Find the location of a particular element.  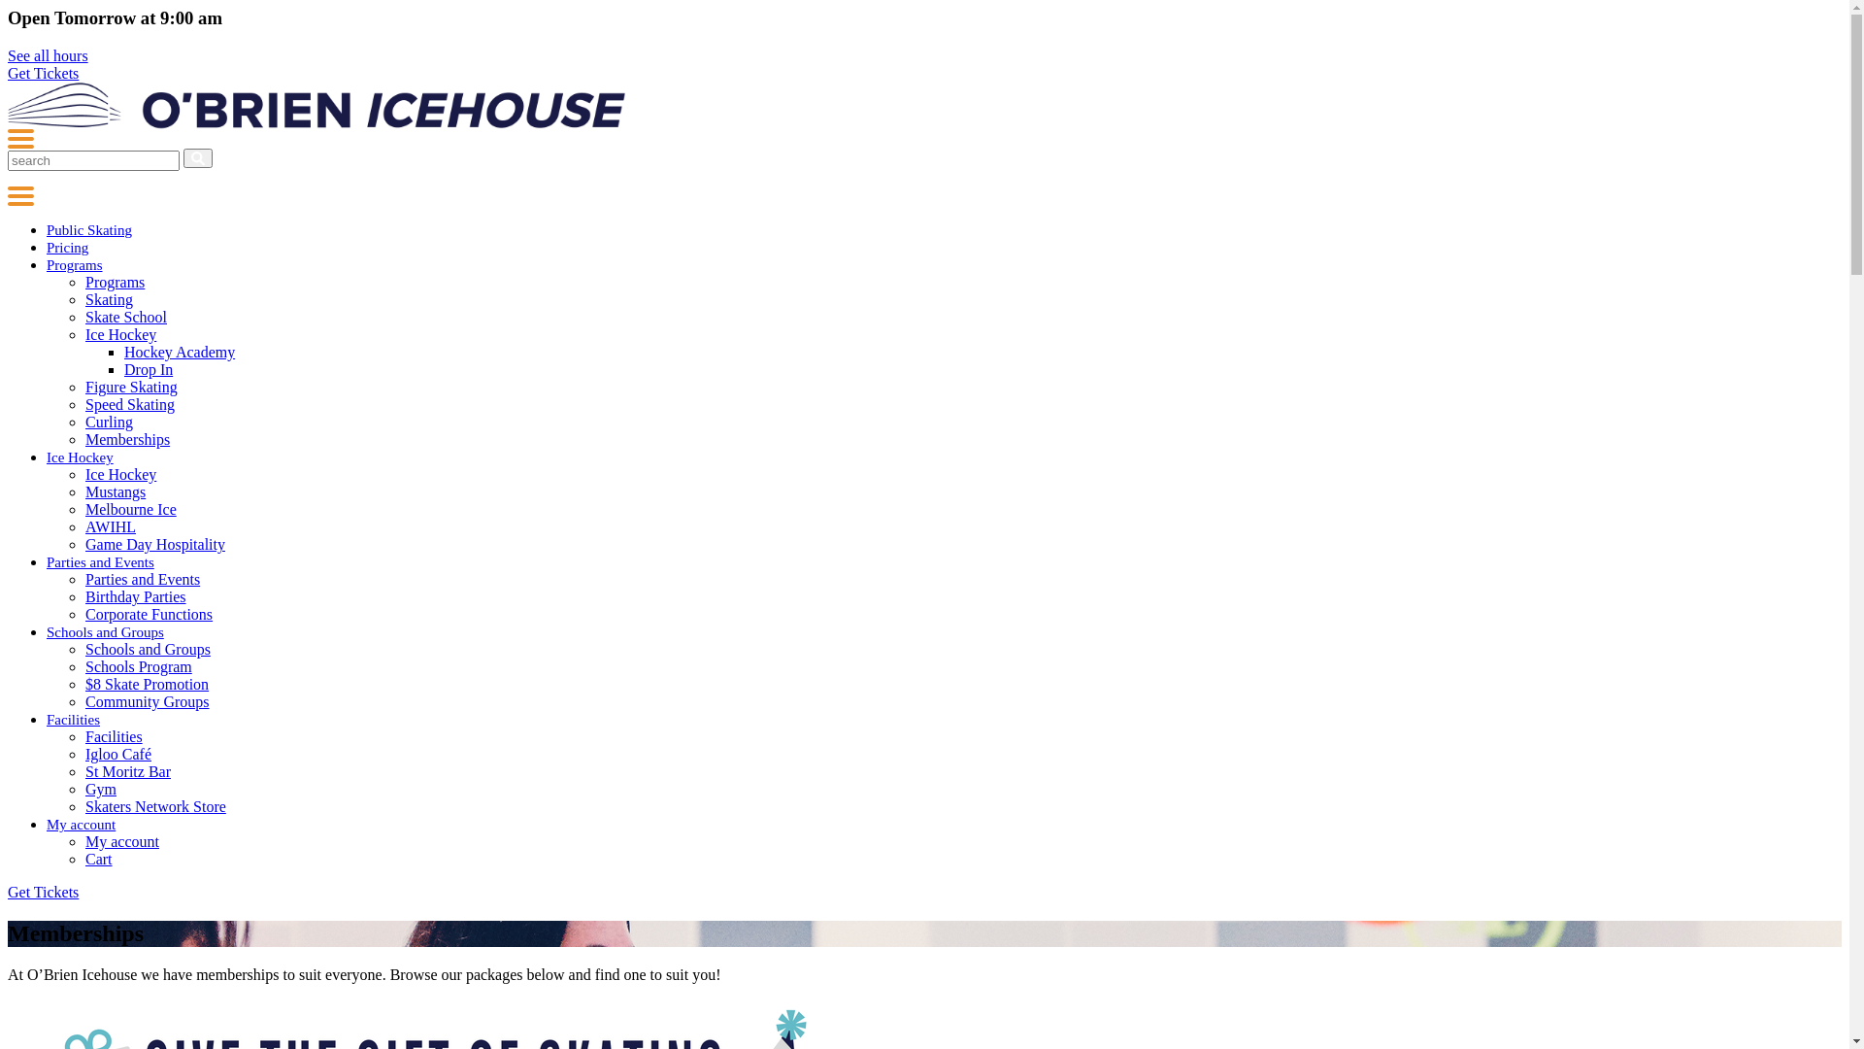

'Ice Hockey' is located at coordinates (119, 474).